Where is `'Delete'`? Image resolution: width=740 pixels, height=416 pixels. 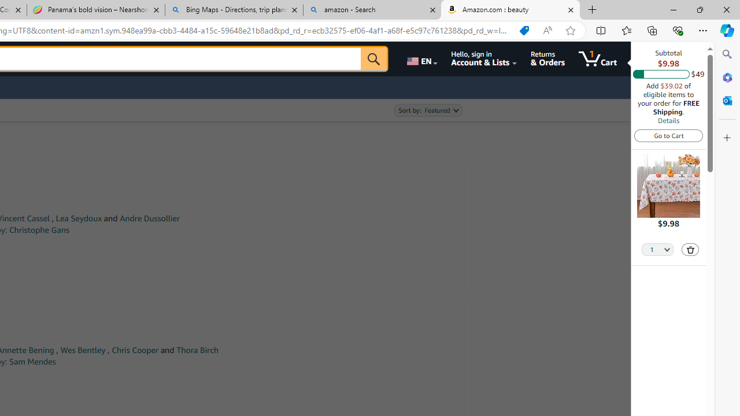 'Delete' is located at coordinates (690, 249).